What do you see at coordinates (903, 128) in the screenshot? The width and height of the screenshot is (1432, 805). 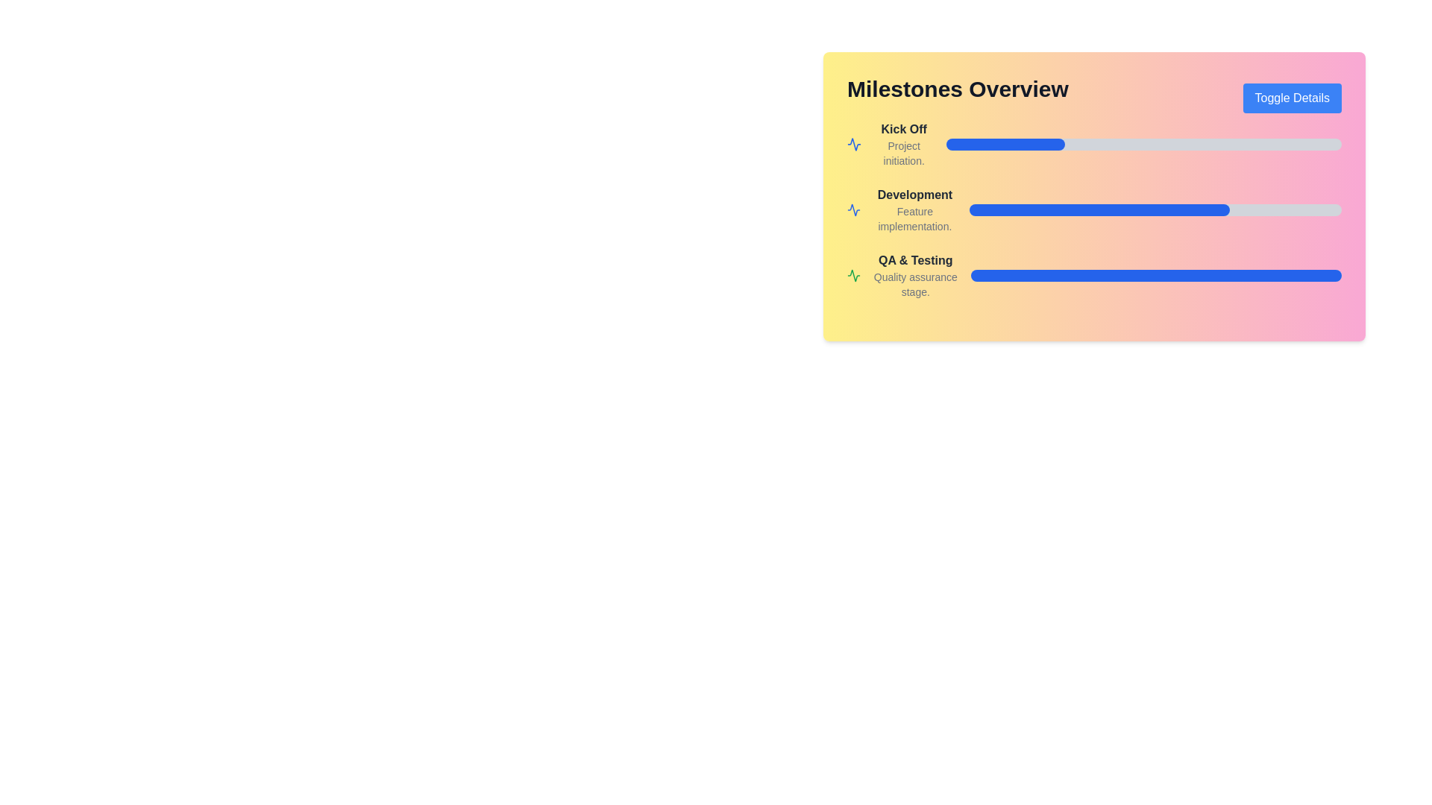 I see `the 'Kick Off' text label to trigger potential tooltip or styling effects` at bounding box center [903, 128].